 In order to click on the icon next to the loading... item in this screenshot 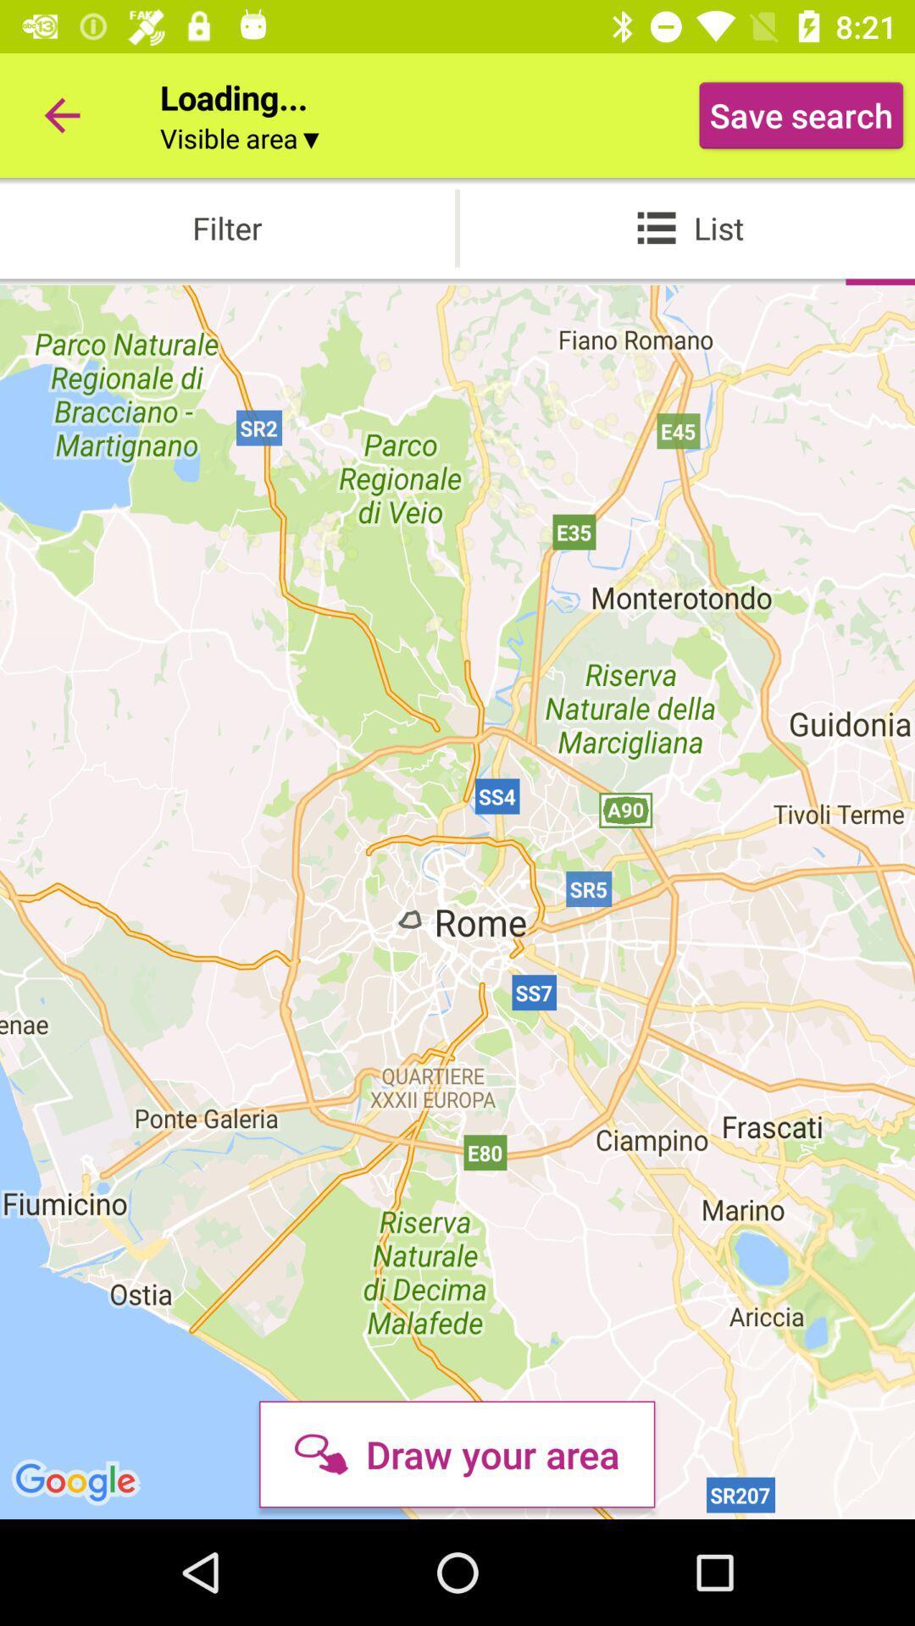, I will do `click(61, 114)`.